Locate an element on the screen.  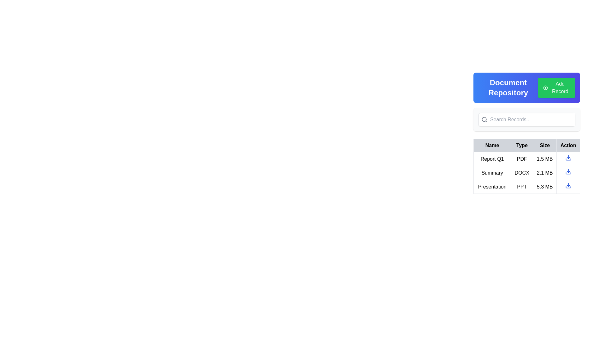
the search icon located is located at coordinates (484, 119).